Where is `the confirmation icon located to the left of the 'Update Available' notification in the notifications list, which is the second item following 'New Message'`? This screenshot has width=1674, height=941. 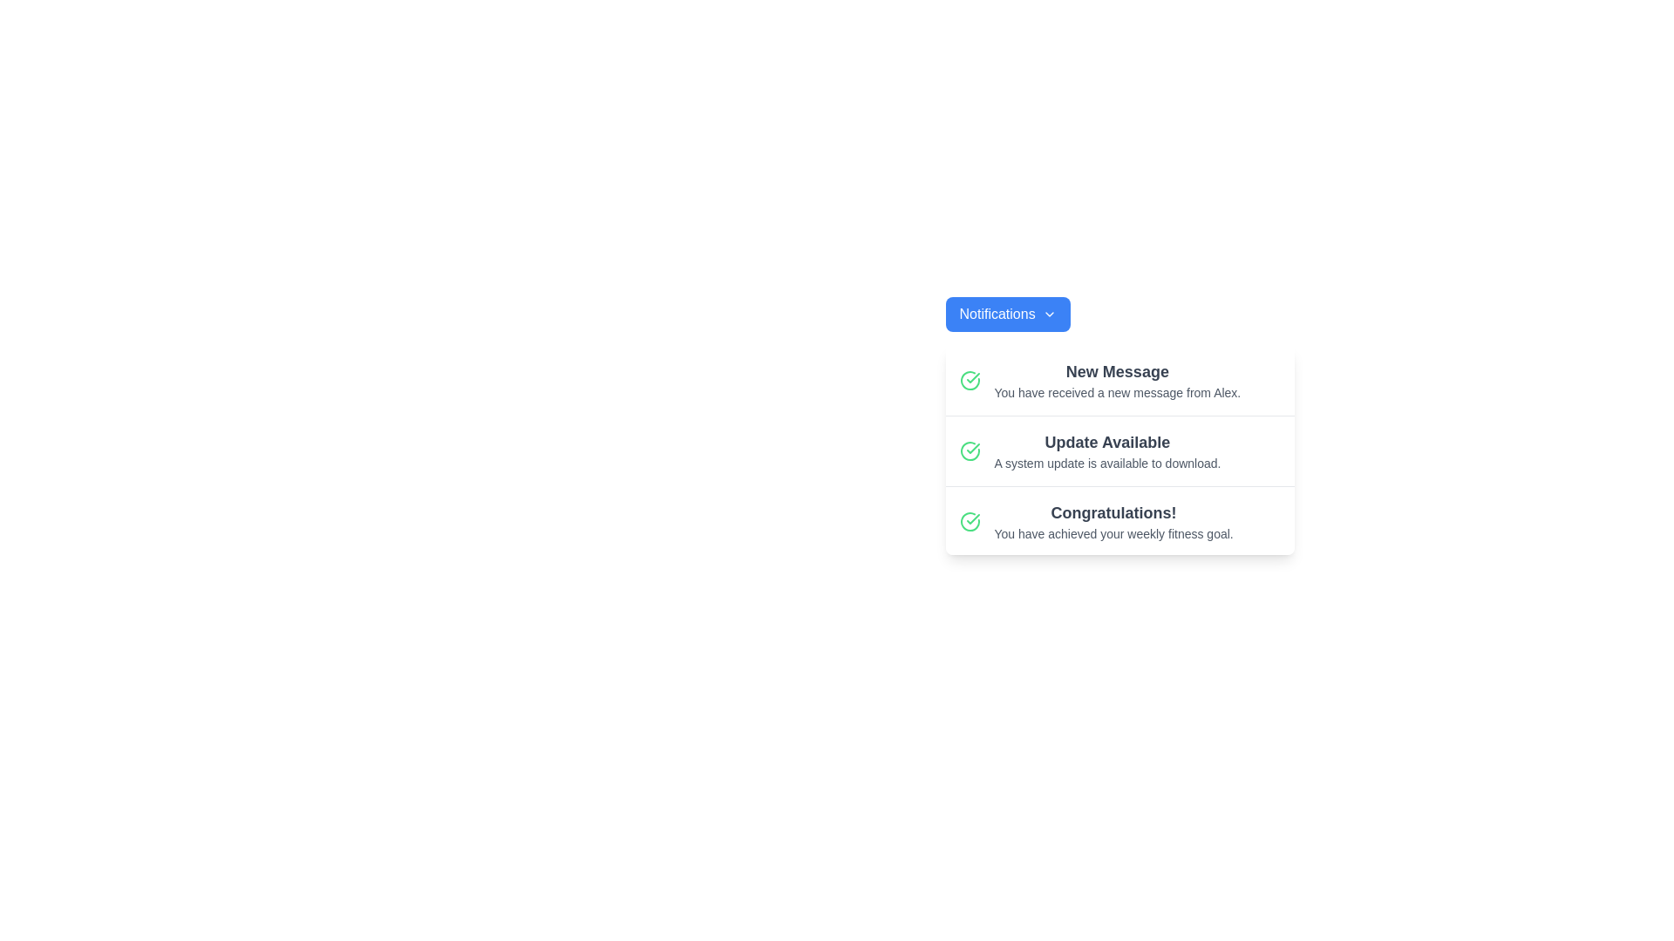 the confirmation icon located to the left of the 'Update Available' notification in the notifications list, which is the second item following 'New Message' is located at coordinates (969, 450).